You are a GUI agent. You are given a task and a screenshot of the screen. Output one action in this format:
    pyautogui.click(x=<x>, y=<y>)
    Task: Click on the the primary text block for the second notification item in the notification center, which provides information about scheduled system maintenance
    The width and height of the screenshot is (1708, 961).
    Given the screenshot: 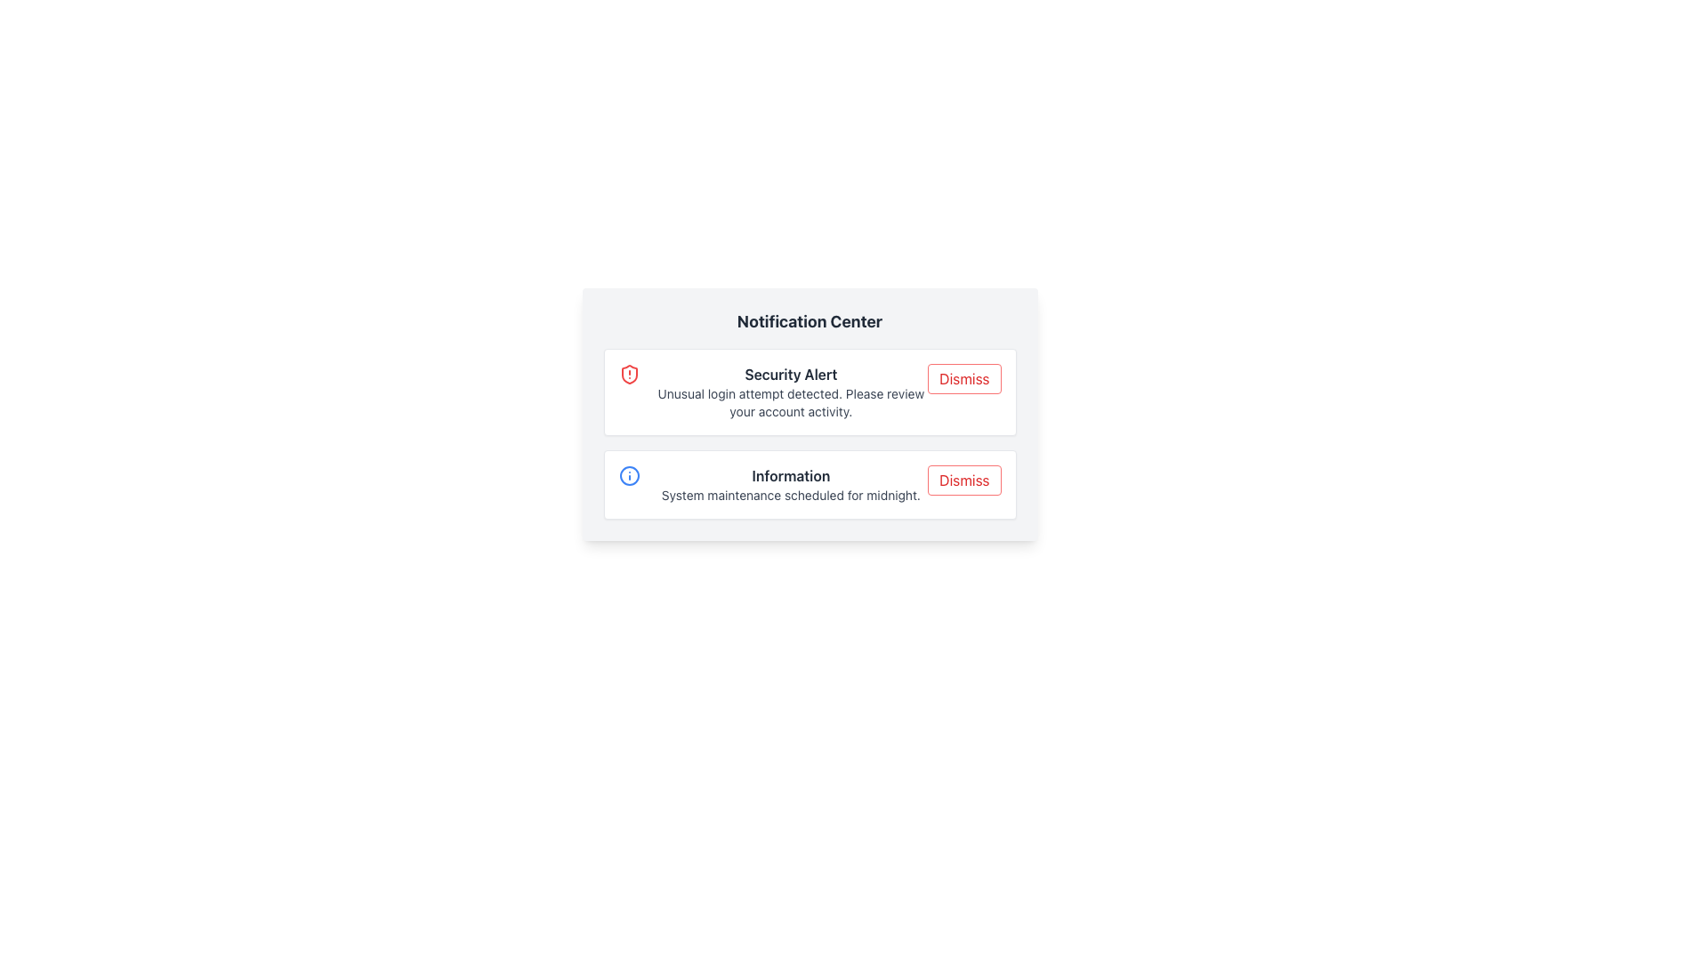 What is the action you would take?
    pyautogui.click(x=790, y=484)
    